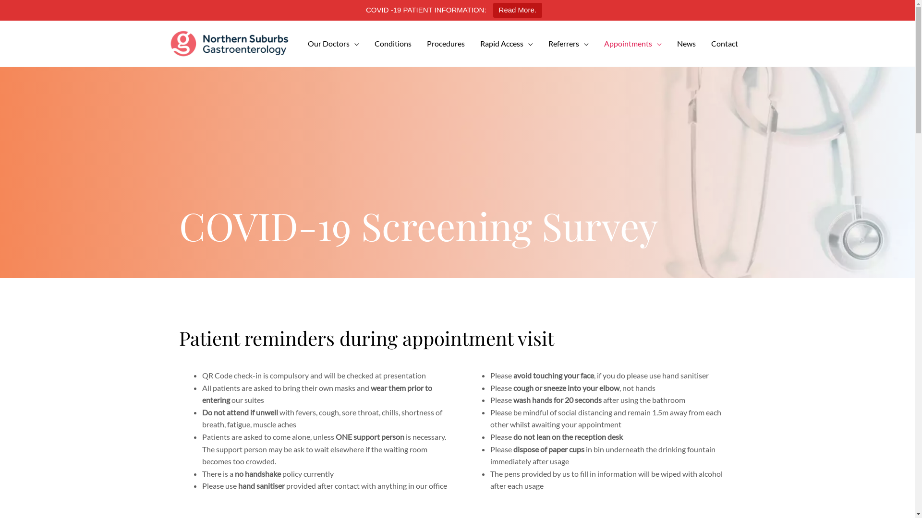 This screenshot has height=518, width=922. I want to click on 'Read More.', so click(493, 10).